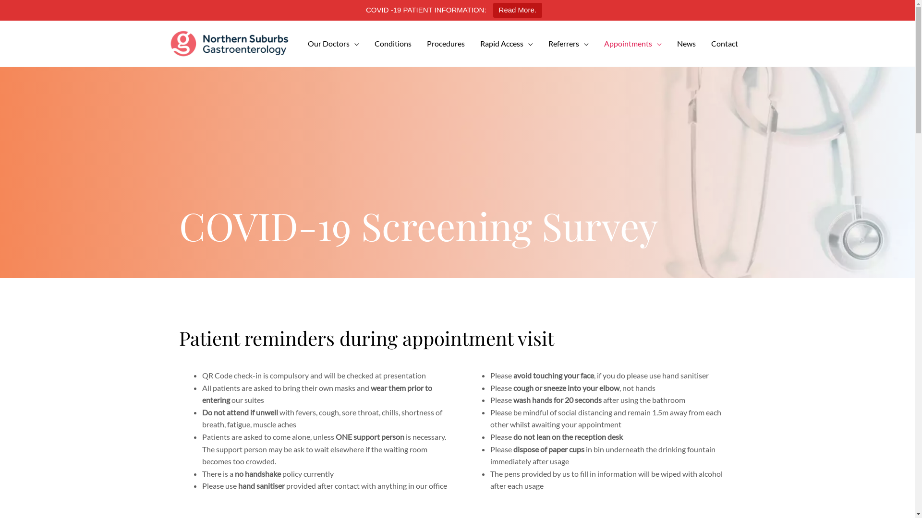 This screenshot has height=518, width=922. I want to click on 'Read More.', so click(493, 10).